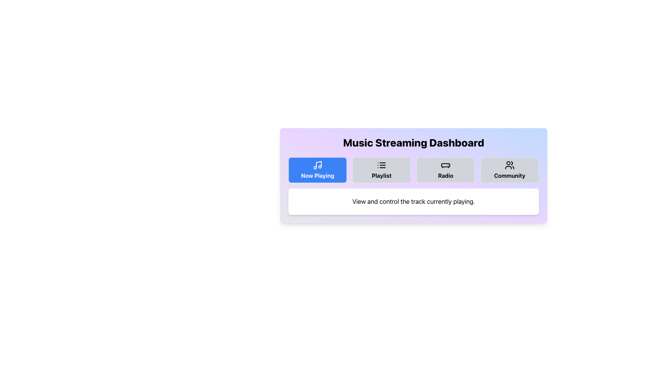 The width and height of the screenshot is (668, 375). Describe the element at coordinates (317, 165) in the screenshot. I see `the 'Now Playing' button which contains the music note icon styled with a blue background, located in the navigation bar` at that location.